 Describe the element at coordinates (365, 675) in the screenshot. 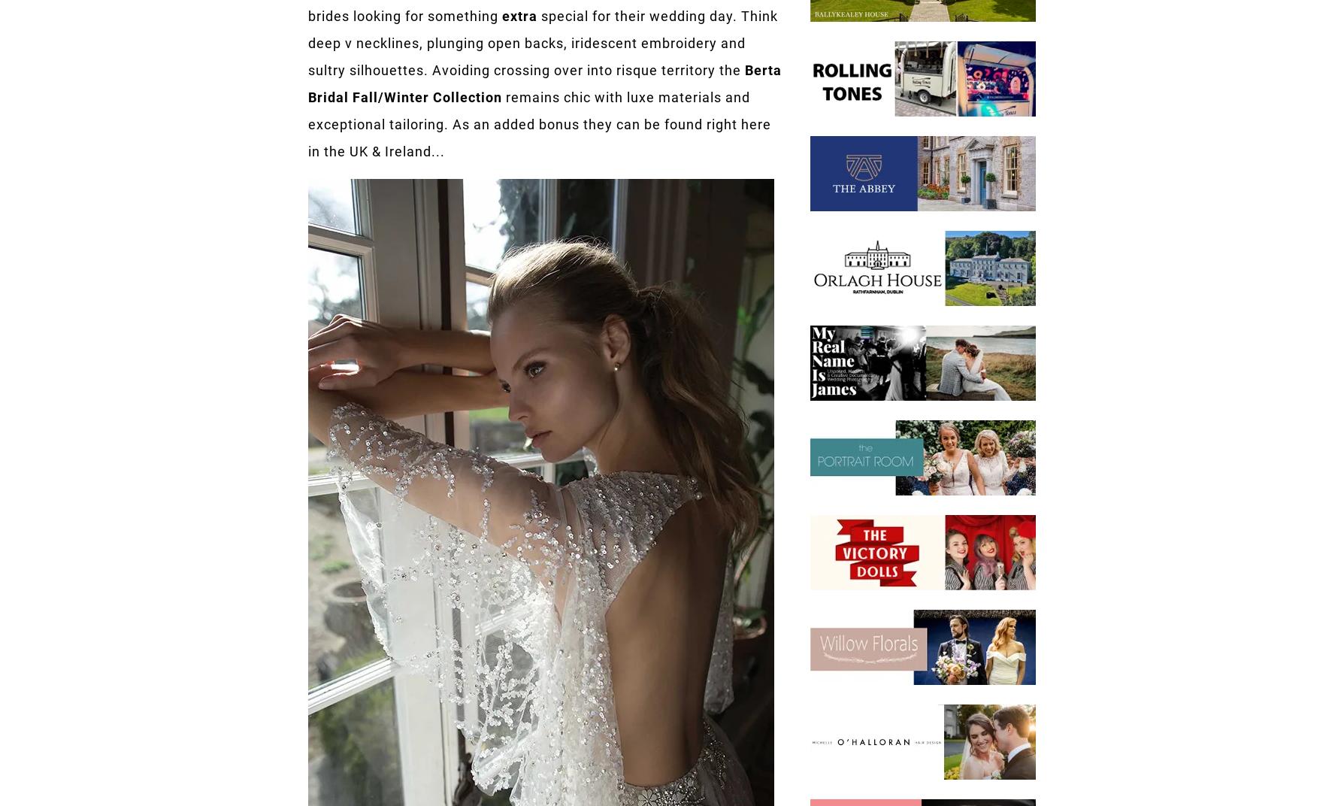

I see `'Contact Us'` at that location.